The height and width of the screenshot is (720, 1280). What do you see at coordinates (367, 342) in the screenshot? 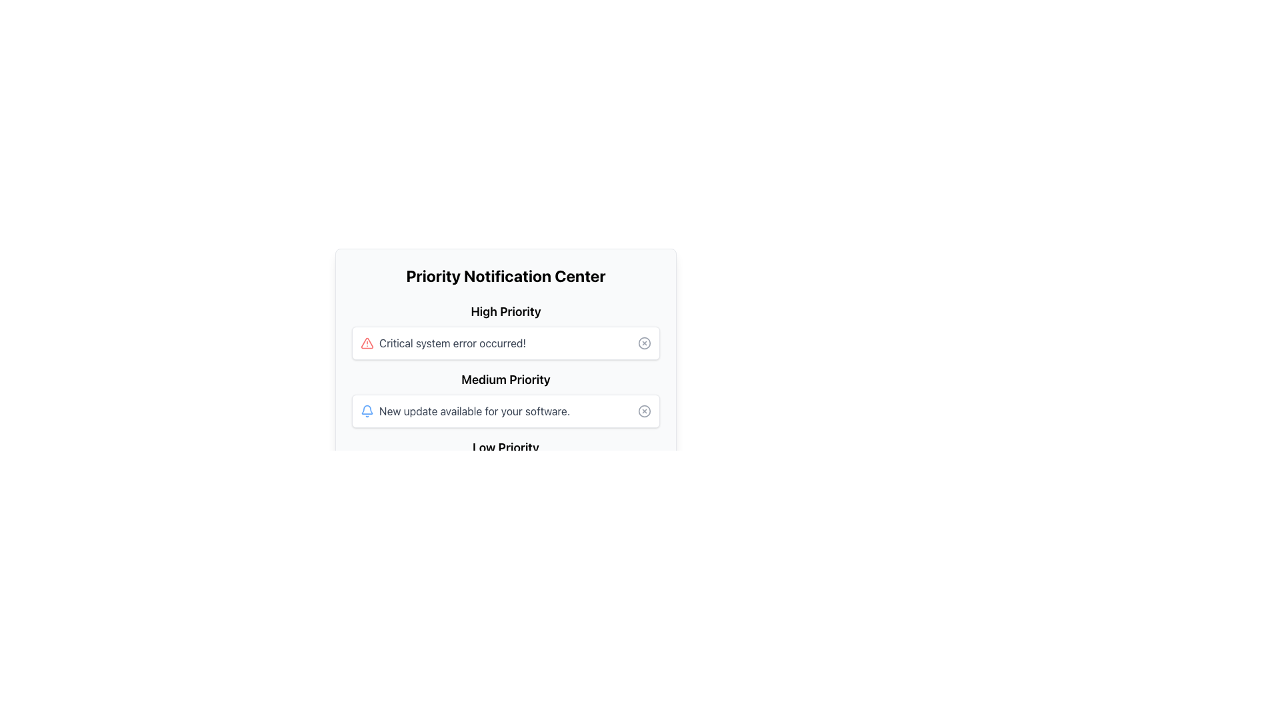
I see `the critical alert icon located to the left of the text box labeled 'Critical system error occurred!' in the 'High Priority' section of the 'Priority Notification Center' interface` at bounding box center [367, 342].